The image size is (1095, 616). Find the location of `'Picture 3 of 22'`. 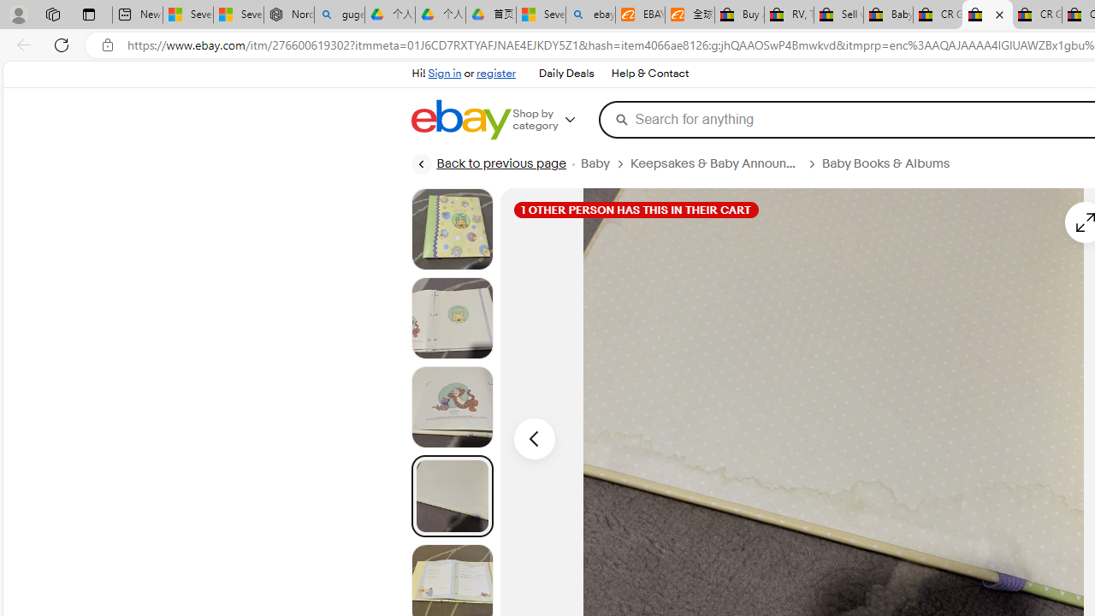

'Picture 3 of 22' is located at coordinates (452, 406).